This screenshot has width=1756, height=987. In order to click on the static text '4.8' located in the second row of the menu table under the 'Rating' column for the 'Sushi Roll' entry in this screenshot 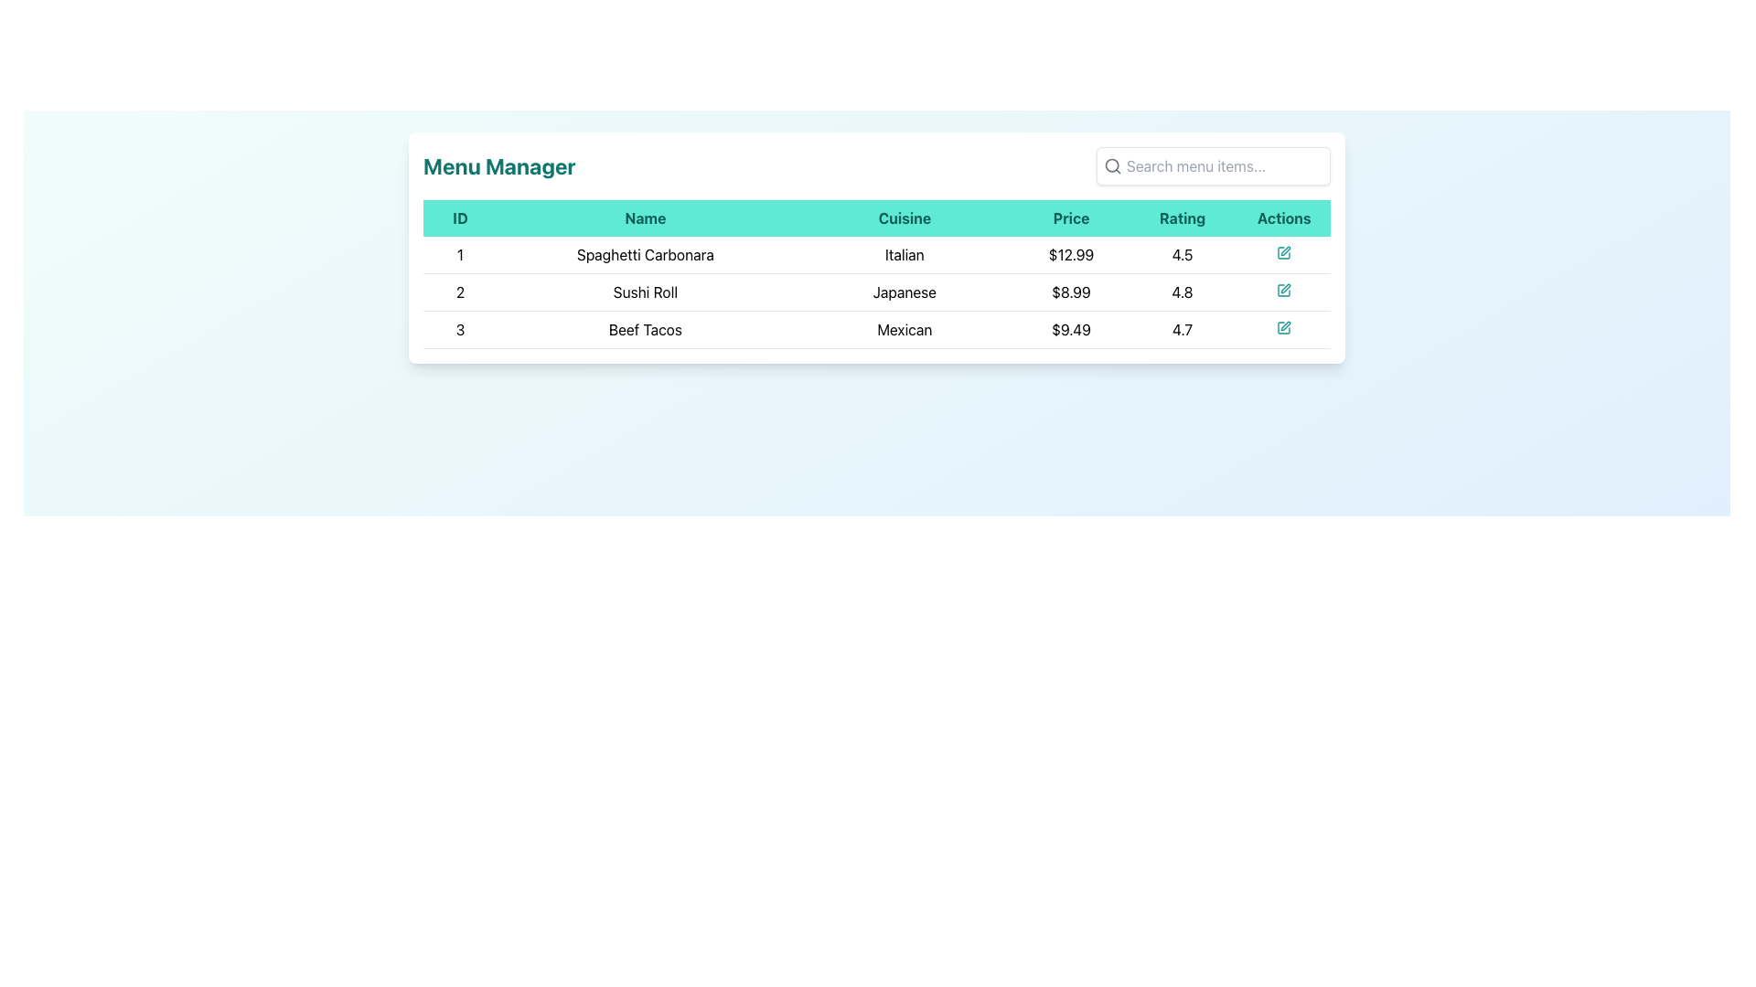, I will do `click(1182, 292)`.